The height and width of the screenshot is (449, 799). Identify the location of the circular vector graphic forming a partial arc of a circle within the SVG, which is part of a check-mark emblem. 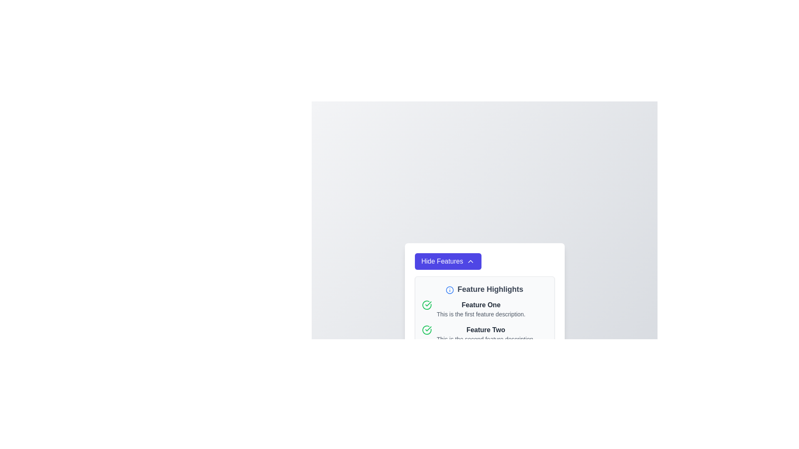
(427, 305).